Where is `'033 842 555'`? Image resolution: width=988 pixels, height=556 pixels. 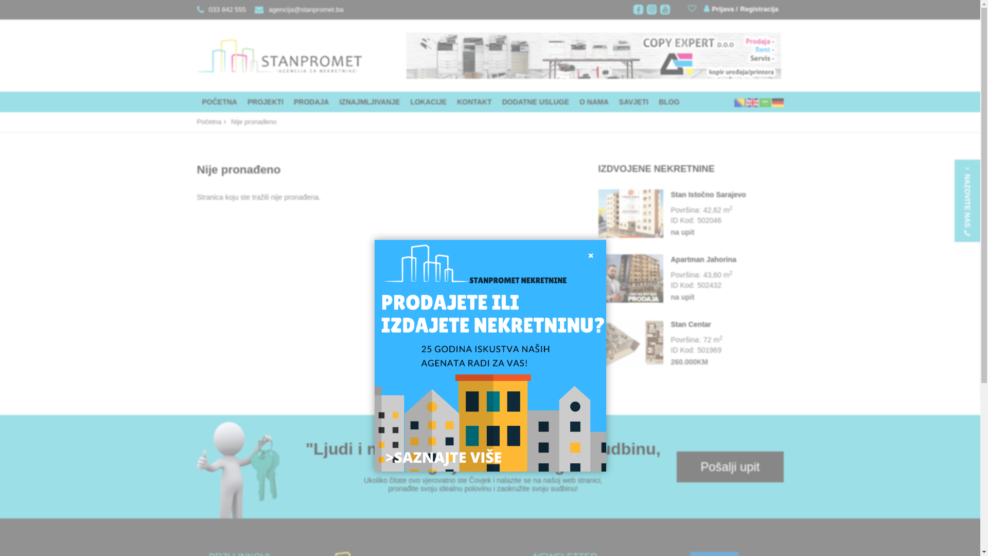 '033 842 555' is located at coordinates (197, 9).